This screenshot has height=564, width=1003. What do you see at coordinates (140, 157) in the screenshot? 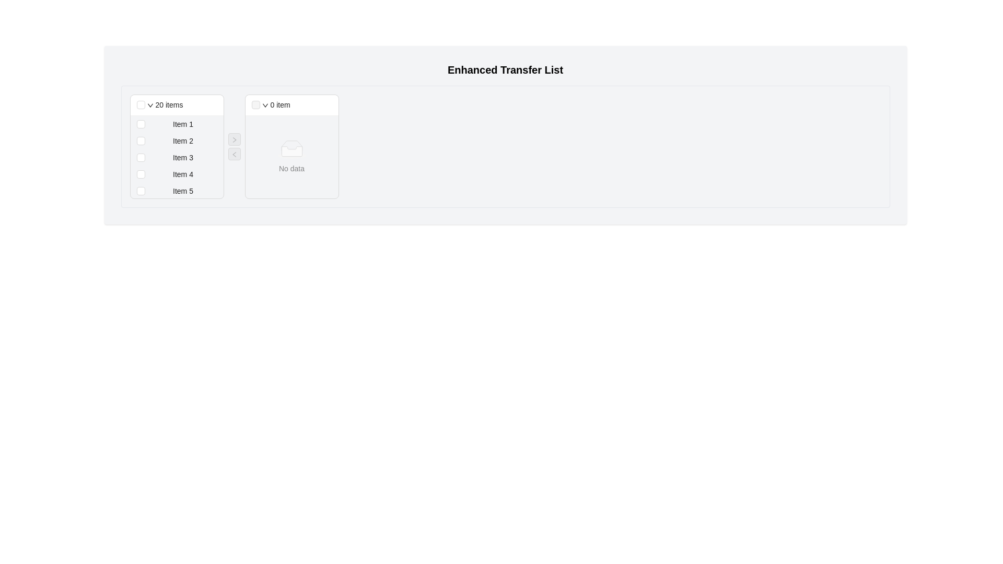
I see `the checkbox for Item 3 located in the left panel to provide a visual cue` at bounding box center [140, 157].